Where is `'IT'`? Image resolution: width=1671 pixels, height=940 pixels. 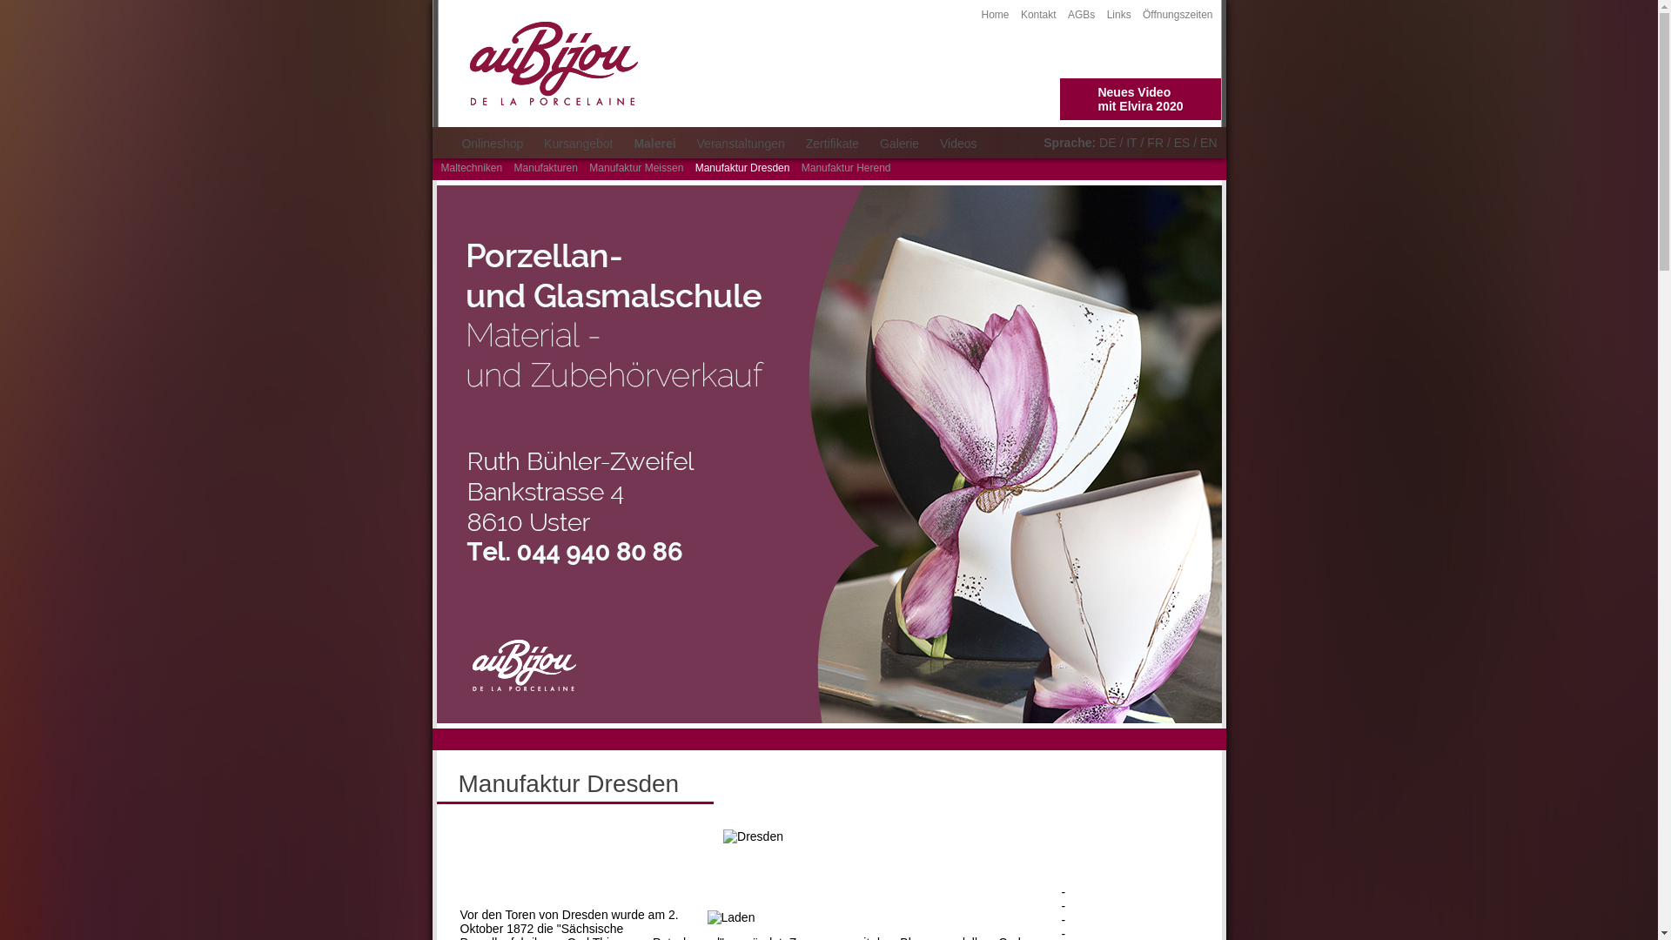
'IT' is located at coordinates (1131, 142).